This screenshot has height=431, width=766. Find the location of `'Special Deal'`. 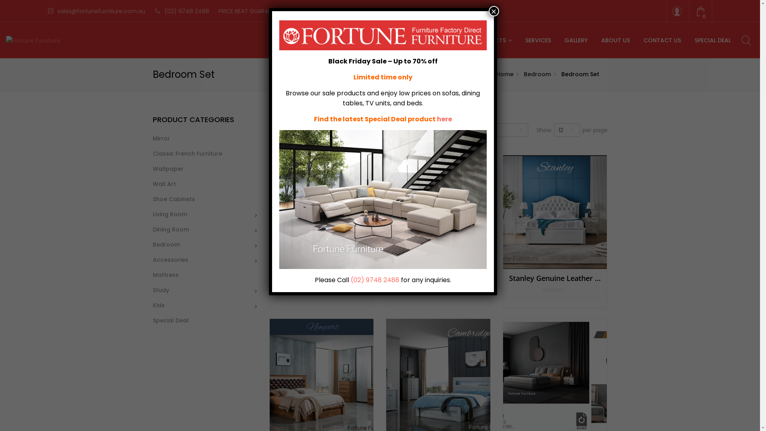

'Special Deal' is located at coordinates (170, 319).